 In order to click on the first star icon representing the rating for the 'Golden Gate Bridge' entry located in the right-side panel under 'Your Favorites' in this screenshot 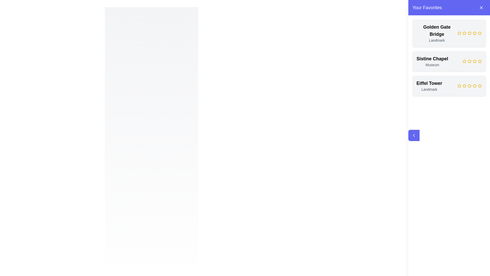, I will do `click(459, 33)`.